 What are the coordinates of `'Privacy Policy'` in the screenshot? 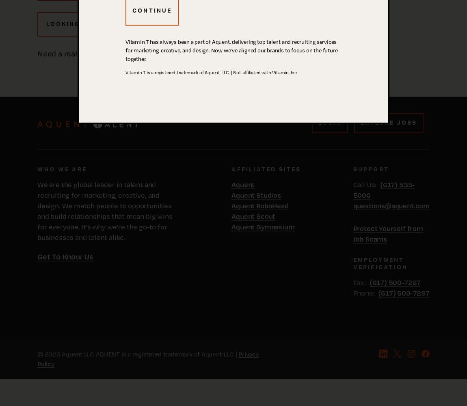 It's located at (148, 359).